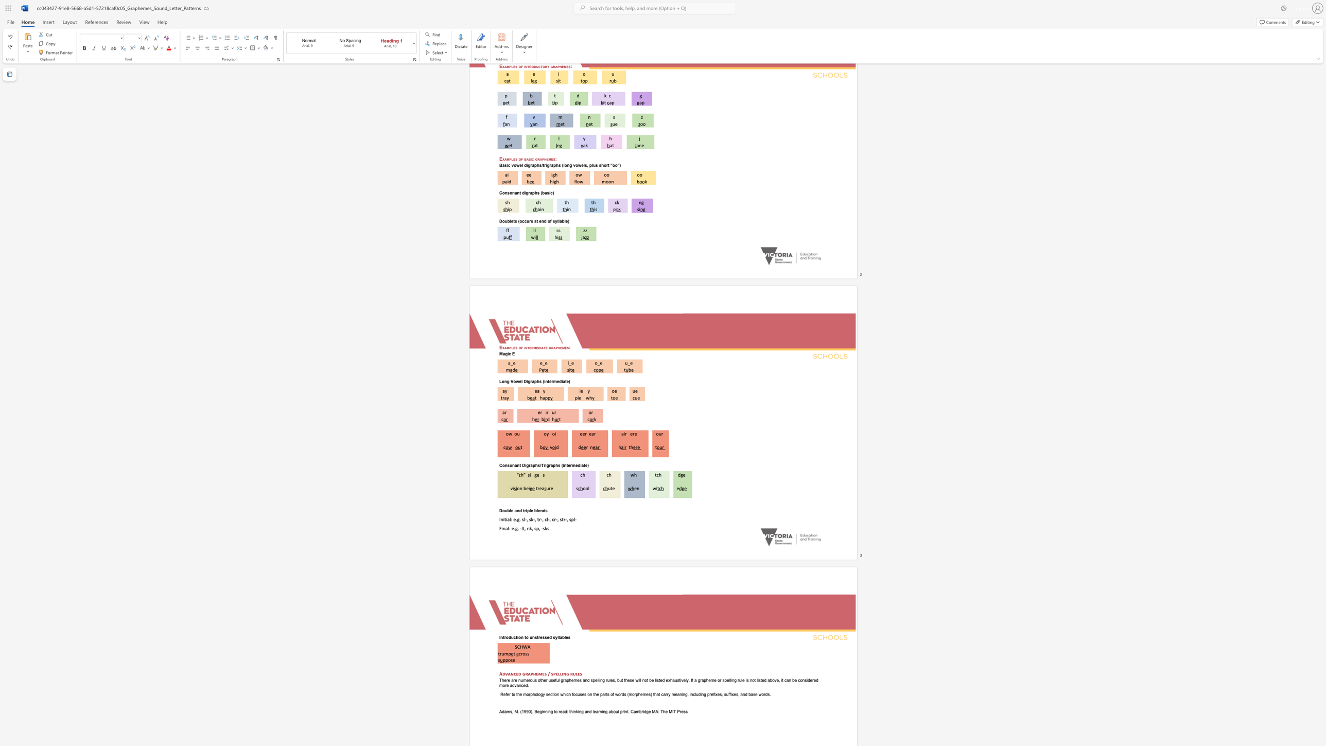  What do you see at coordinates (634, 433) in the screenshot?
I see `the space between the continuous character "r" and "e" in the text` at bounding box center [634, 433].